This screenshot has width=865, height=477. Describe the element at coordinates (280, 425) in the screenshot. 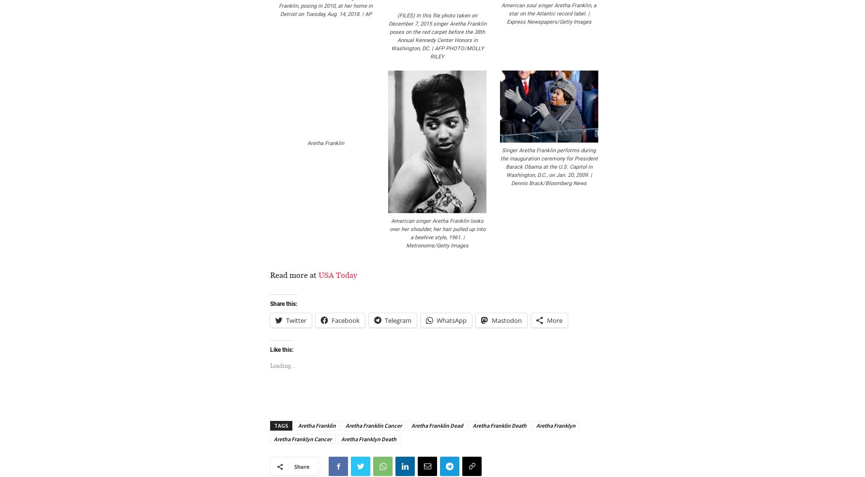

I see `'Tags'` at that location.